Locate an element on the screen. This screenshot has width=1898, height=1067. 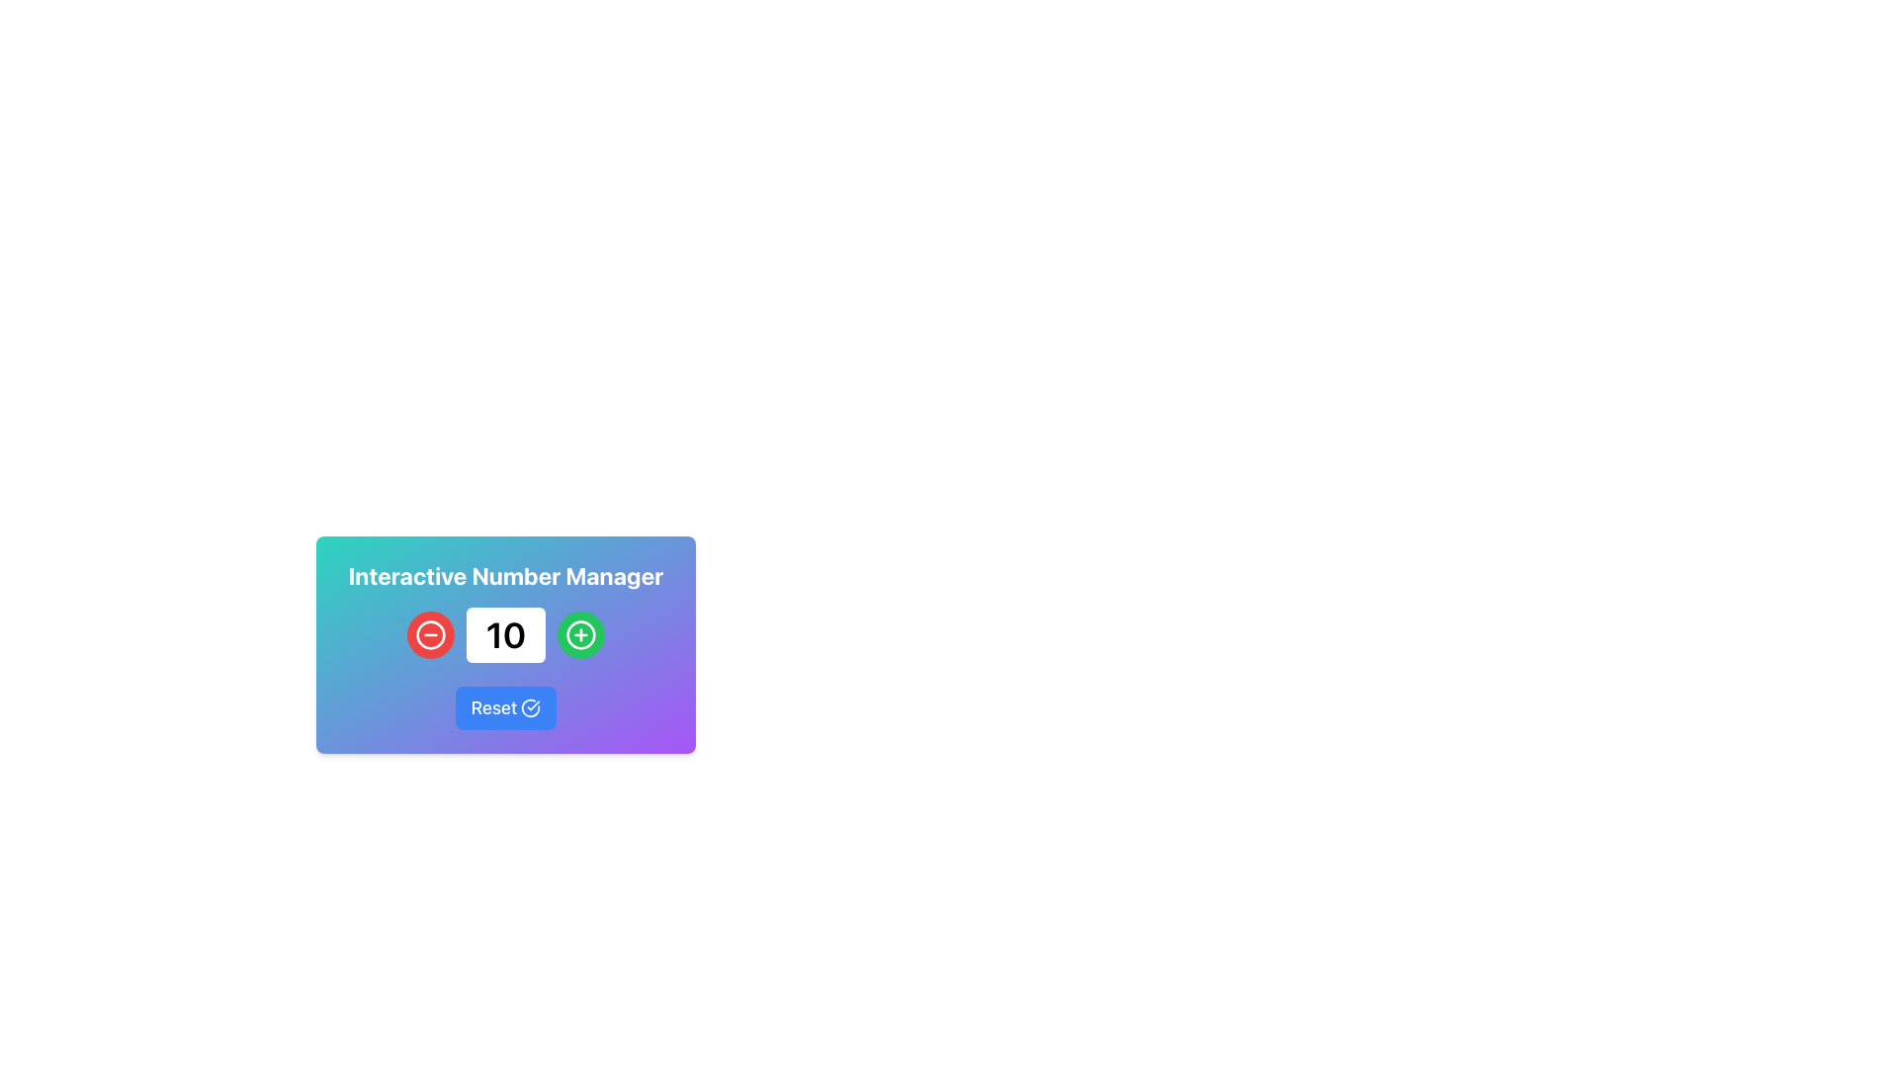
the decrement button located on the left side of the number display showing '10' to observe the color change is located at coordinates (430, 635).